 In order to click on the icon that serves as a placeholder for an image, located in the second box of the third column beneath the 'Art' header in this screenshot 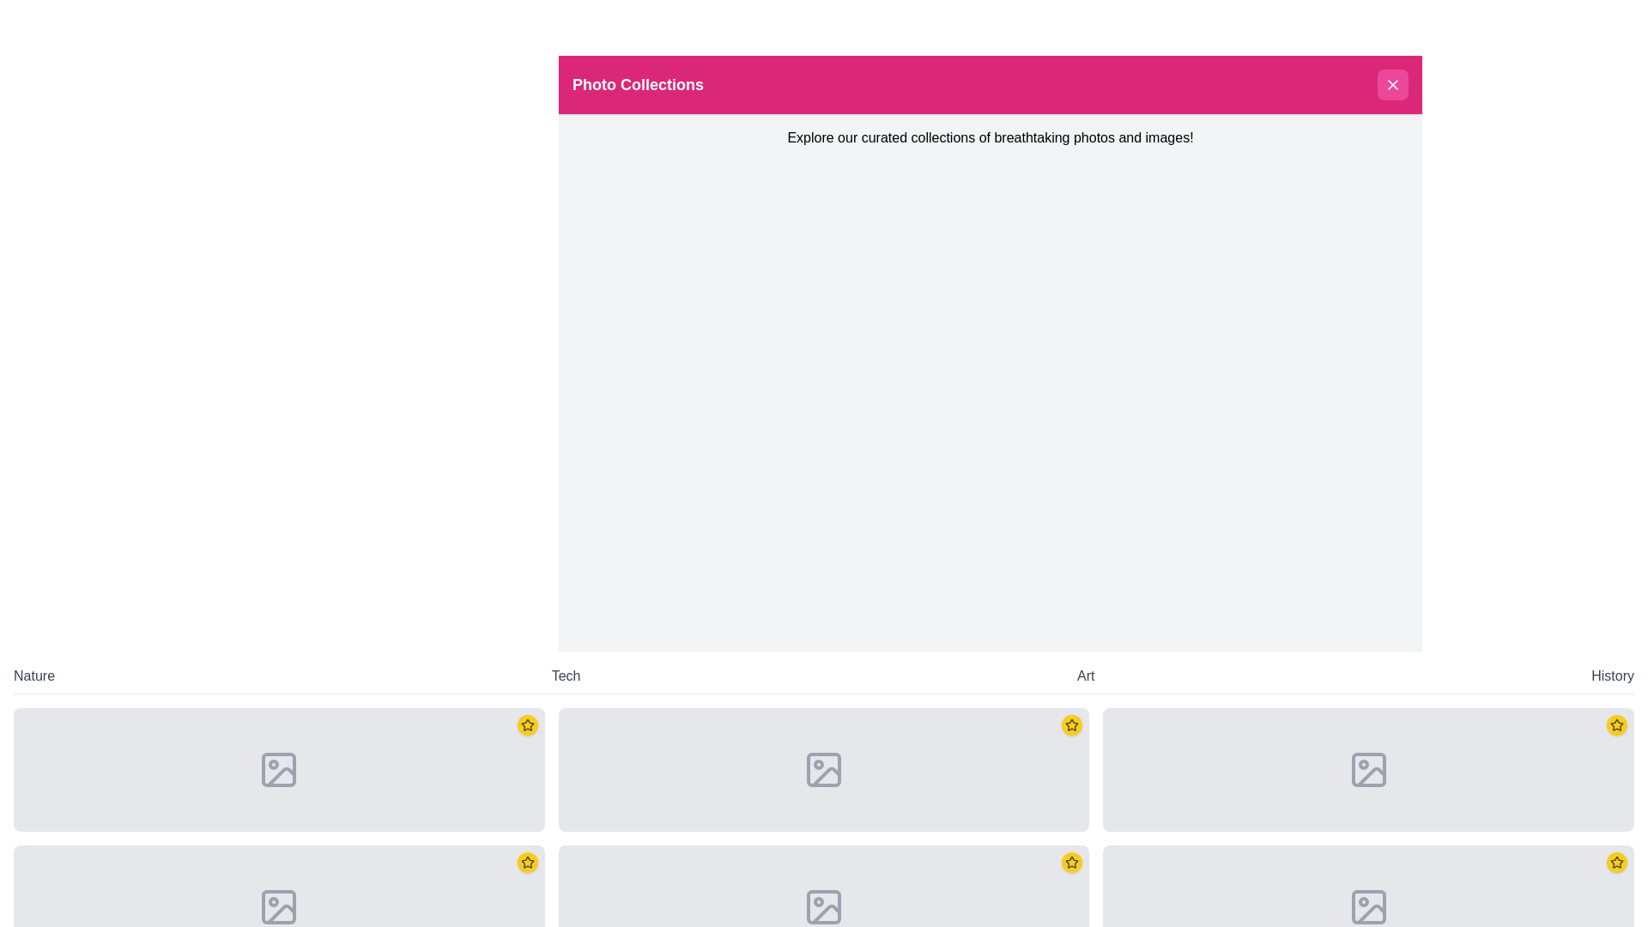, I will do `click(1367, 769)`.